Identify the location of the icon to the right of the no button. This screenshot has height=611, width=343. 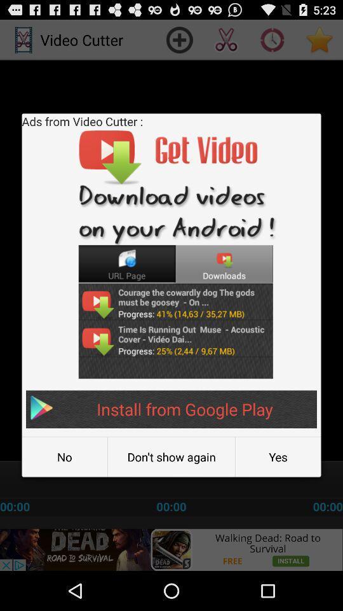
(171, 457).